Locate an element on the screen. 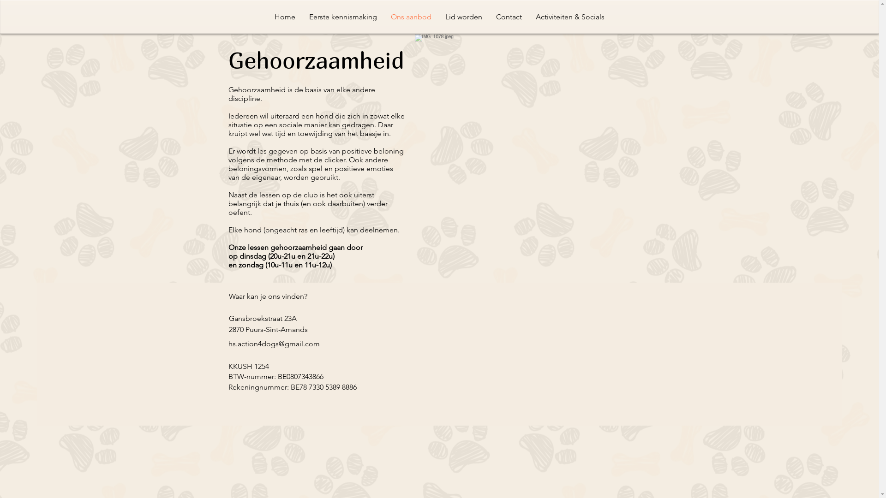 The height and width of the screenshot is (498, 886). 'Google Maps' is located at coordinates (480, 344).